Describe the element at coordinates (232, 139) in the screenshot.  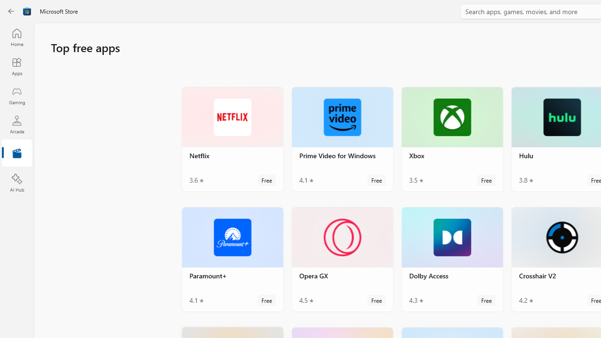
I see `'Netflix. Average rating of 3.6 out of five stars. Free  '` at that location.